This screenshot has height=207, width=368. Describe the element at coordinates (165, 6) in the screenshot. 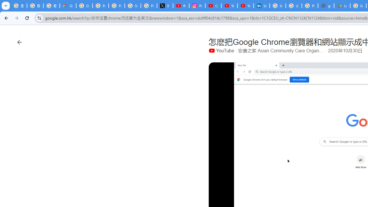

I see `'X'` at that location.